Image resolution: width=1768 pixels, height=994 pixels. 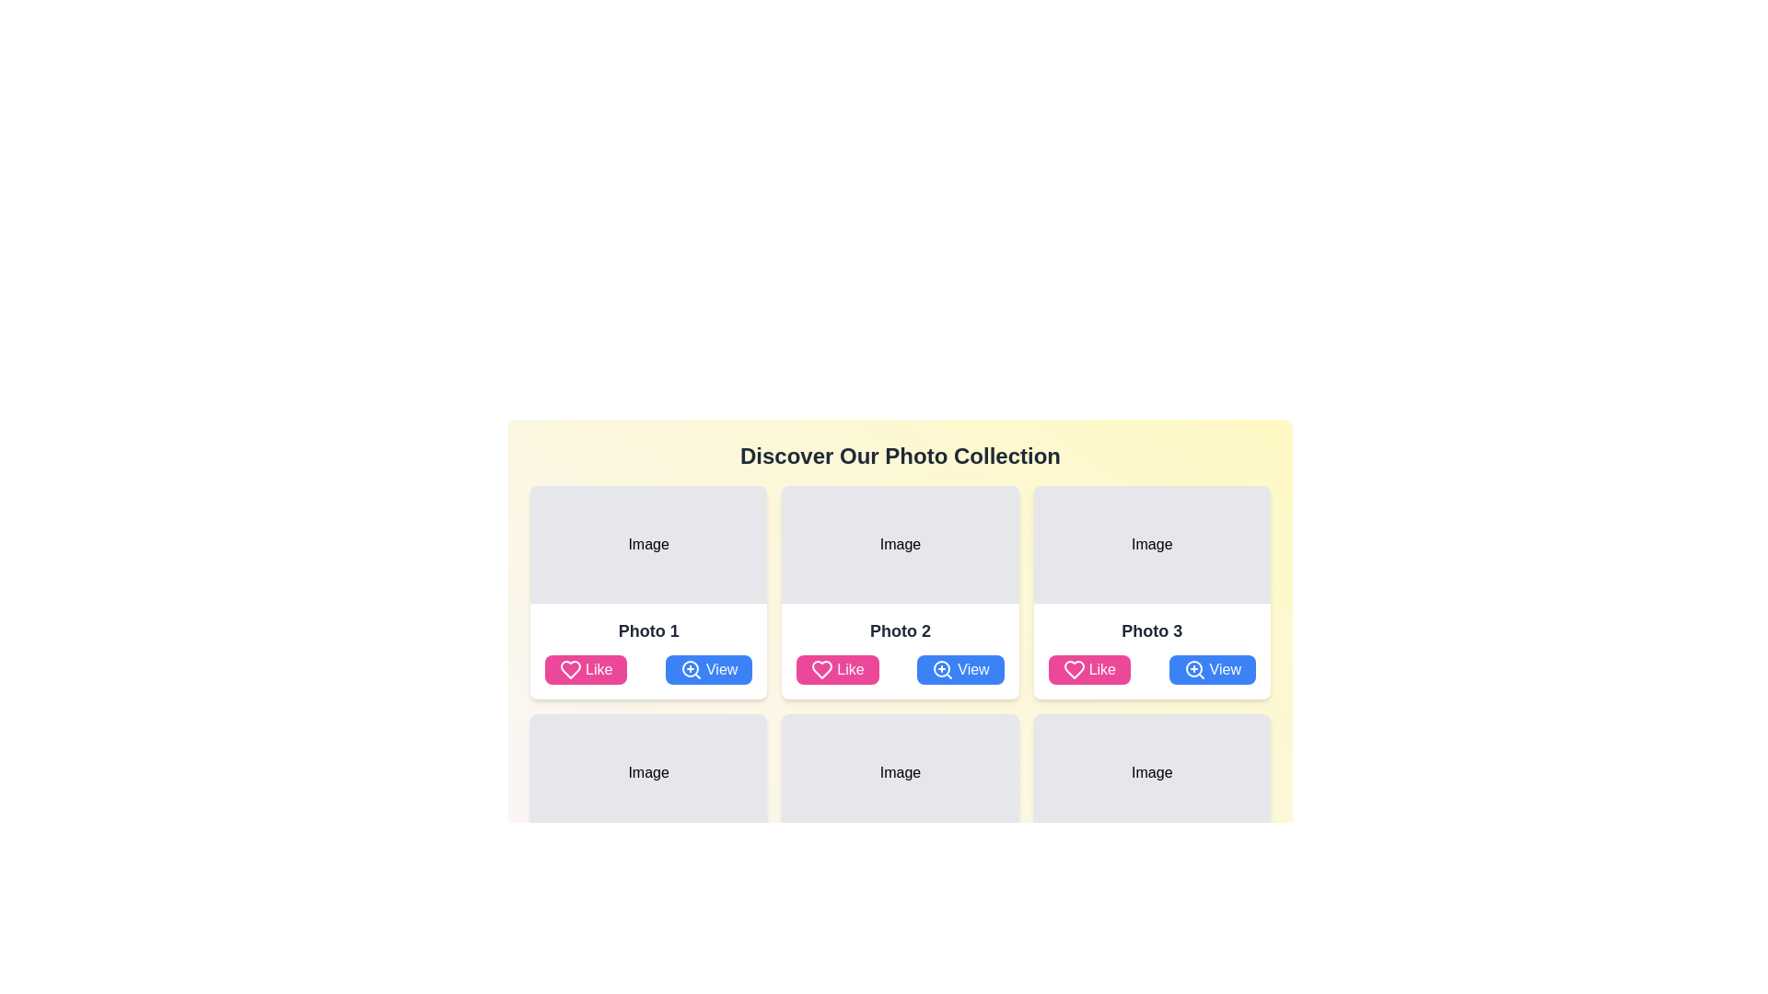 I want to click on the like button located below Photo 1 in the gallery layout to record your preference for the photo, so click(x=585, y=670).